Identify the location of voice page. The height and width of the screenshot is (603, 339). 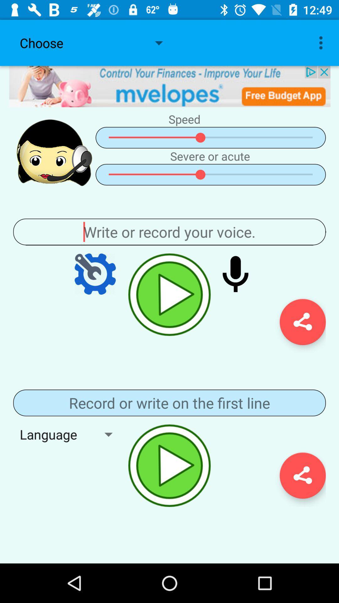
(169, 231).